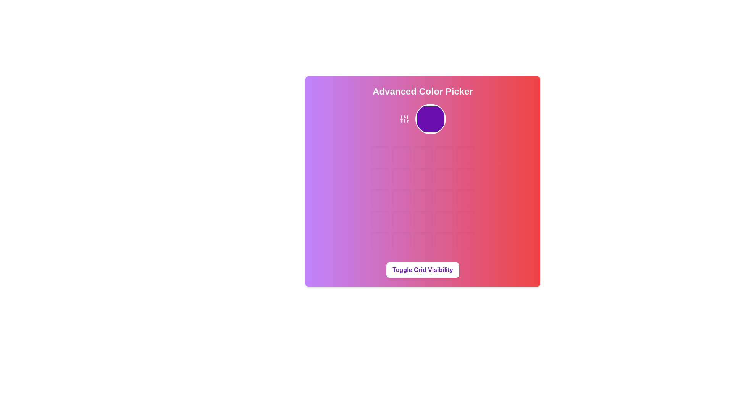 The width and height of the screenshot is (733, 412). What do you see at coordinates (422, 91) in the screenshot?
I see `the text label that displays 'Advanced Color Picker', which is bold and large, with a white font on a gradient background from purple to red` at bounding box center [422, 91].